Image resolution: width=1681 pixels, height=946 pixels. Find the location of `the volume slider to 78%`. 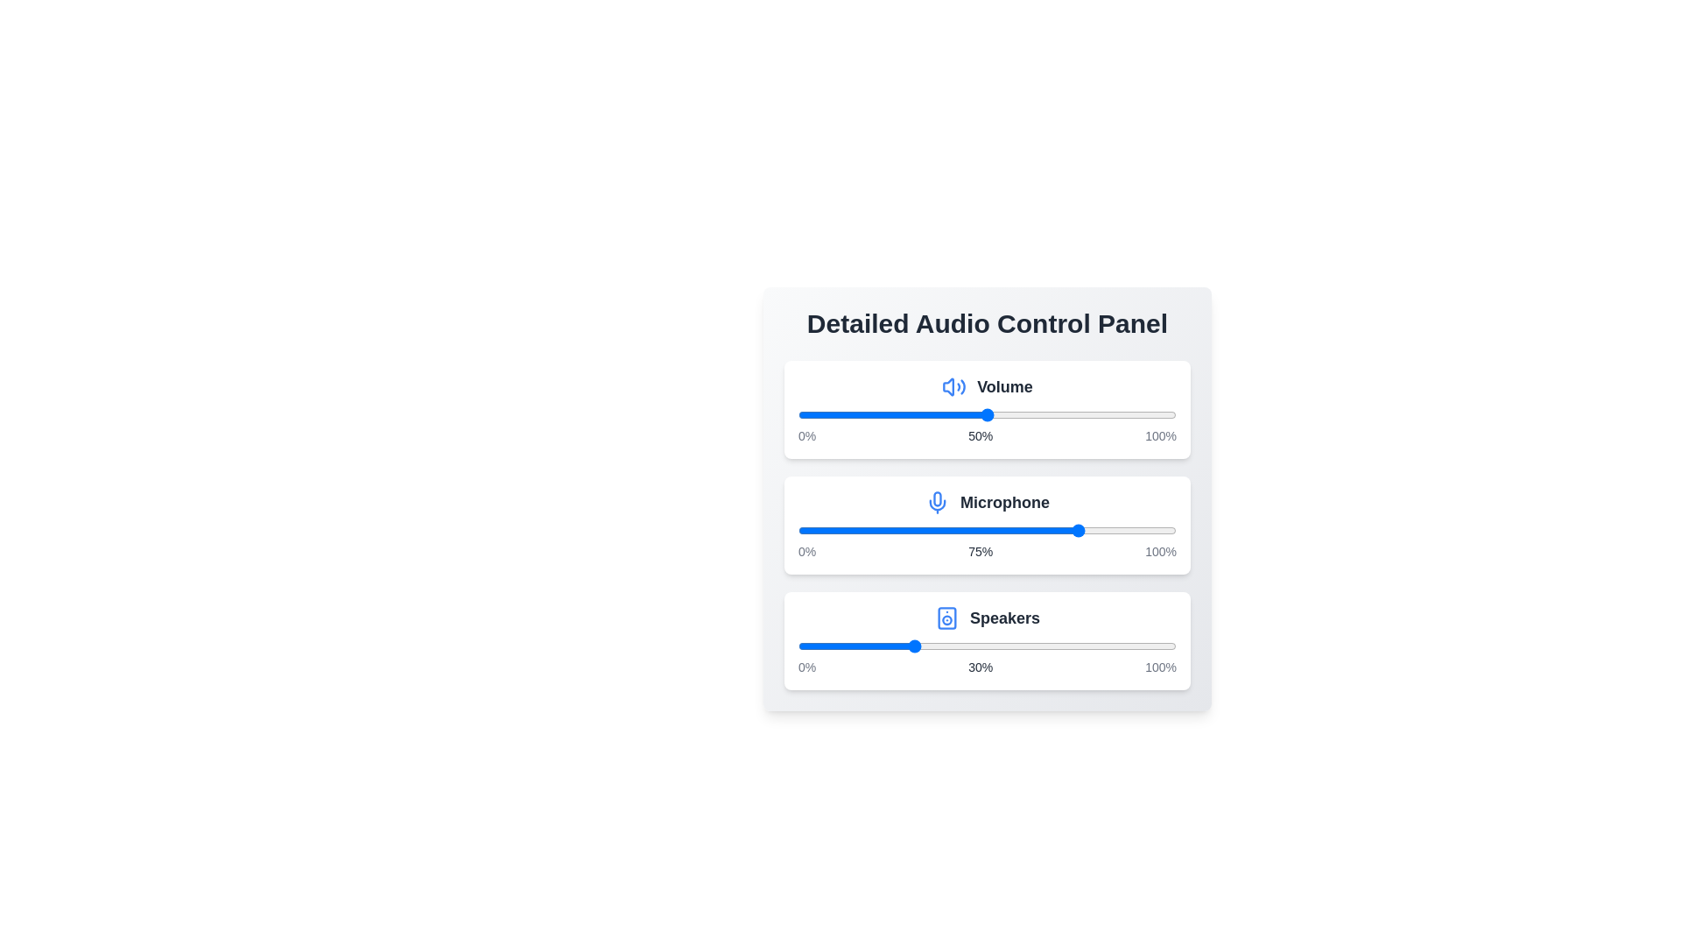

the volume slider to 78% is located at coordinates (1092, 415).